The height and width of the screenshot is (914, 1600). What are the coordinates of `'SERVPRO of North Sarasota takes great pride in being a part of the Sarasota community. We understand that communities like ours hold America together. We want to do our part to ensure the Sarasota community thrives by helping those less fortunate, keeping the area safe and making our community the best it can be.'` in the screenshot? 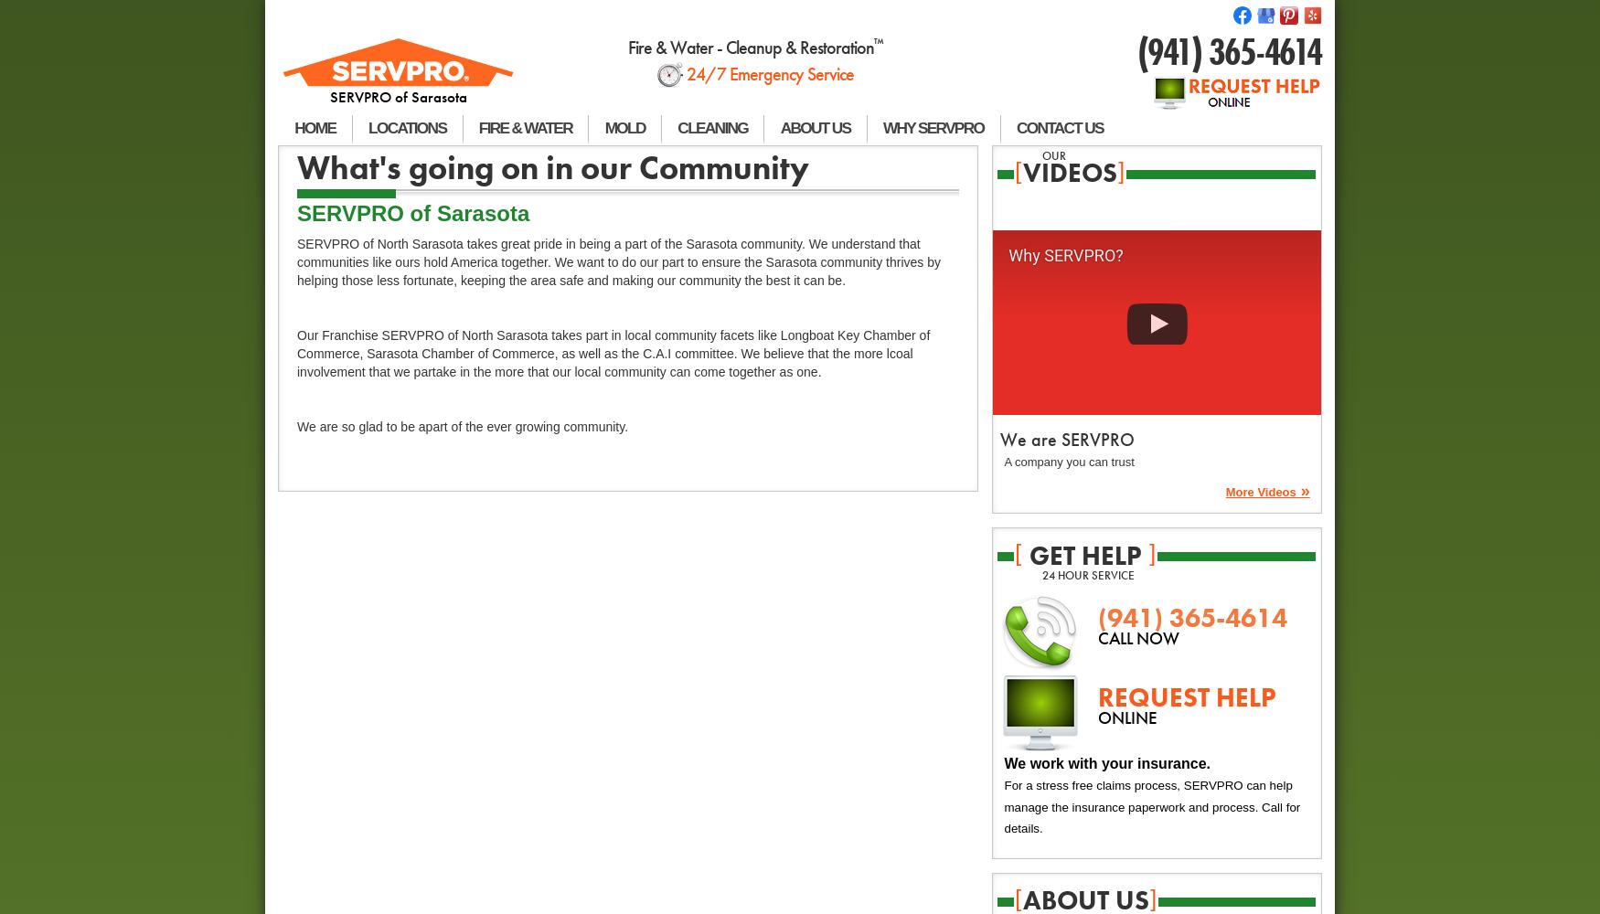 It's located at (617, 262).